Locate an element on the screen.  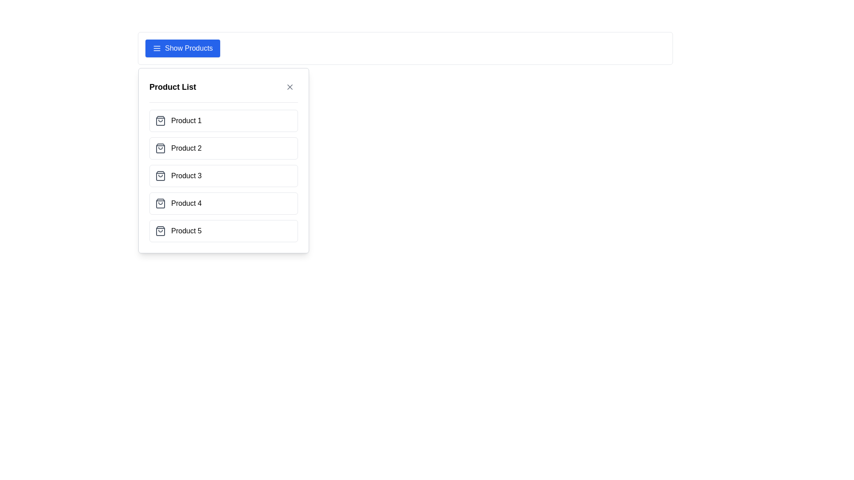
the shopping bag icon representing 'Product 5' in the dropdown list titled 'Product List' is located at coordinates (160, 231).